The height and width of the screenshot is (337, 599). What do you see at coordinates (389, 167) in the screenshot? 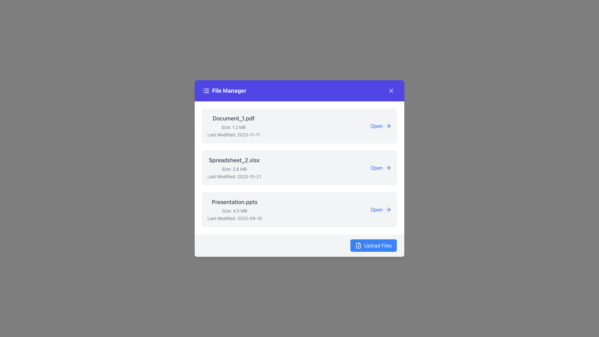
I see `the arrow icon located to the far right of the second file entry in the file management interface` at bounding box center [389, 167].